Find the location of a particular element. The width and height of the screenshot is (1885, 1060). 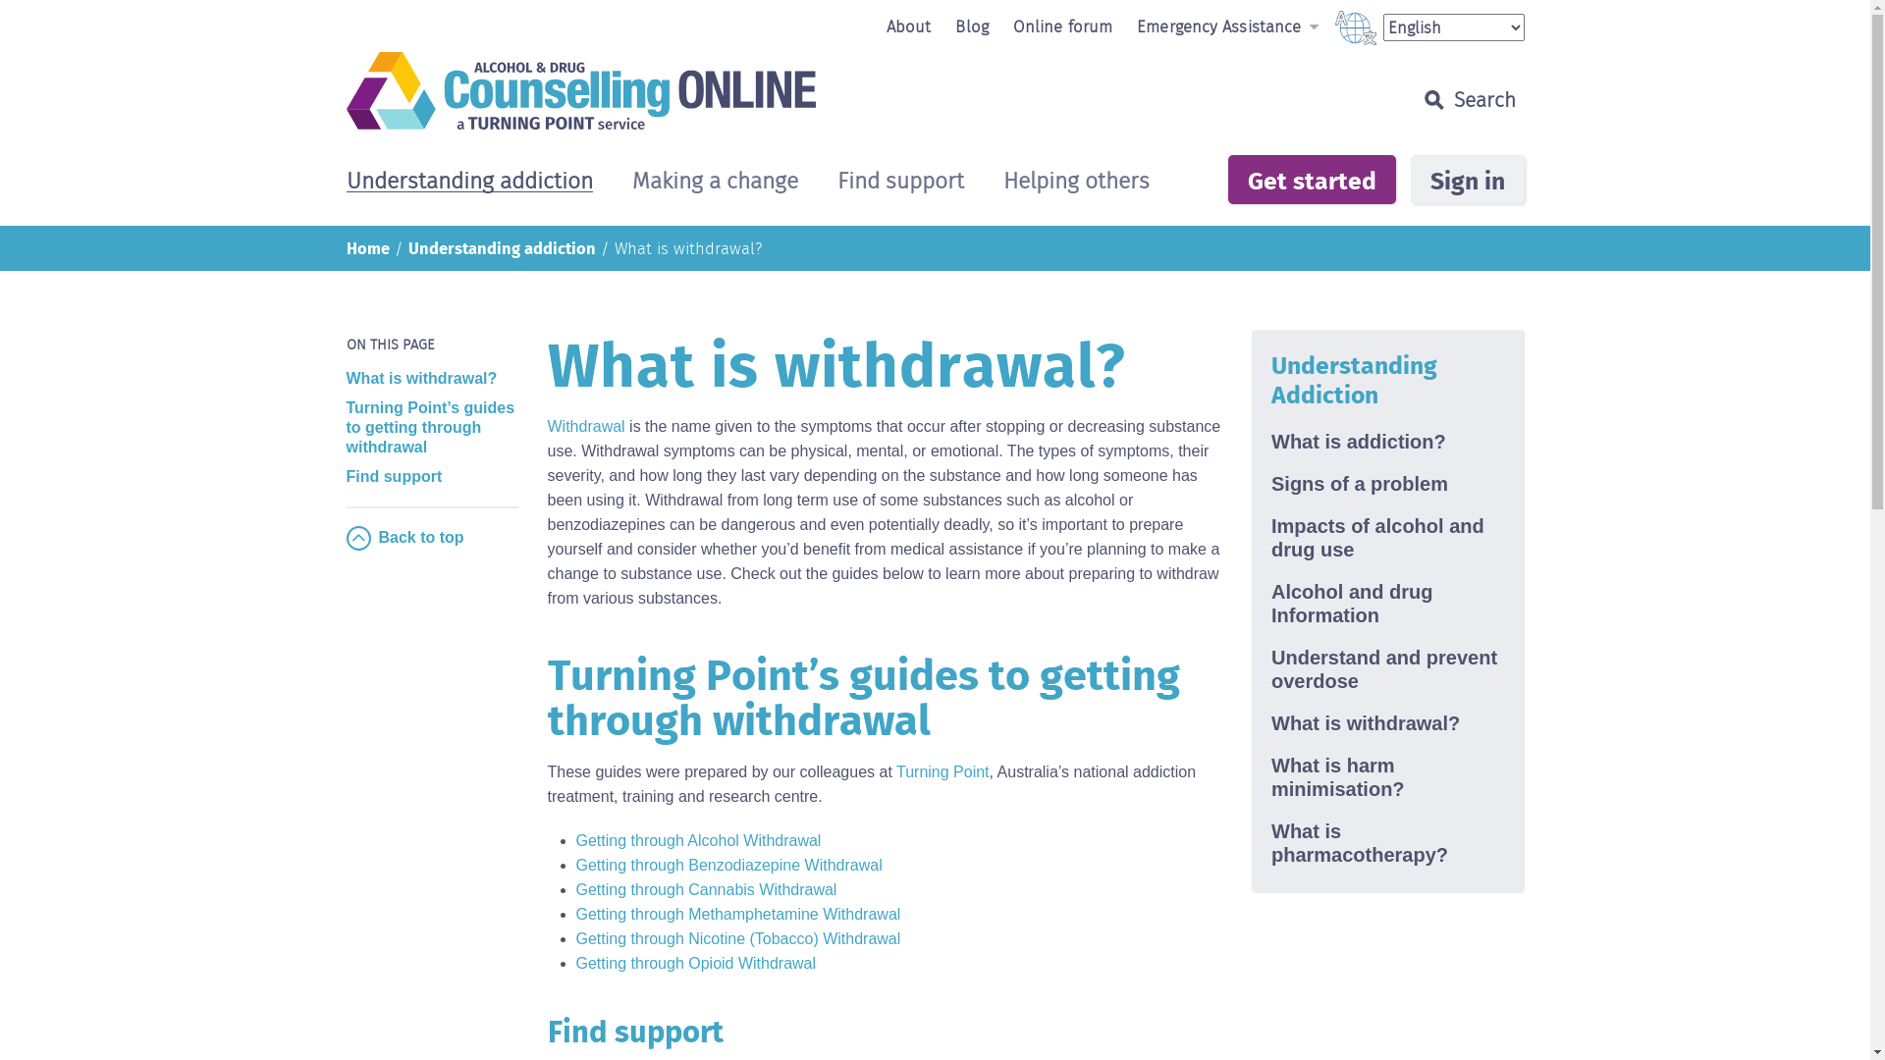

'Turning Point' is located at coordinates (942, 770).